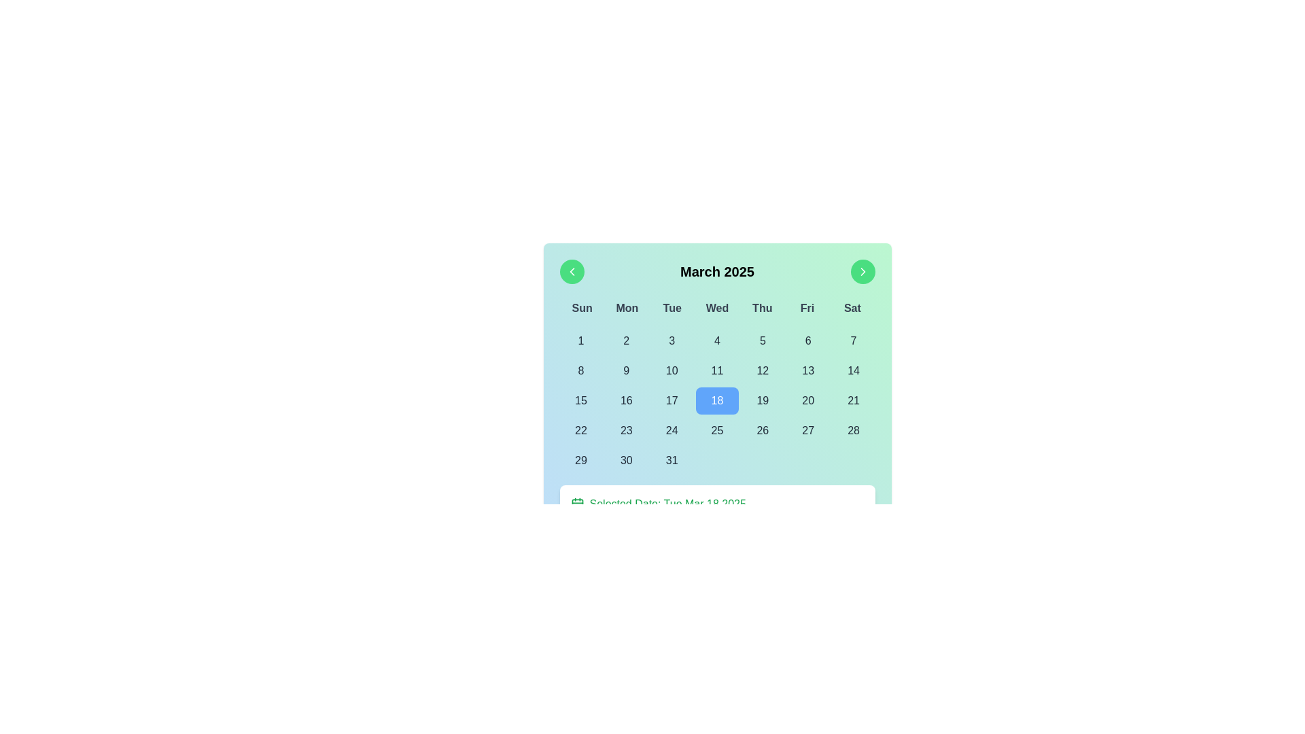 This screenshot has height=734, width=1305. I want to click on the static text label indicating 'Sat' for Saturday in the weekday header of the calendar view, located in the week header grid beneath the 'March 2025' header, so click(852, 309).